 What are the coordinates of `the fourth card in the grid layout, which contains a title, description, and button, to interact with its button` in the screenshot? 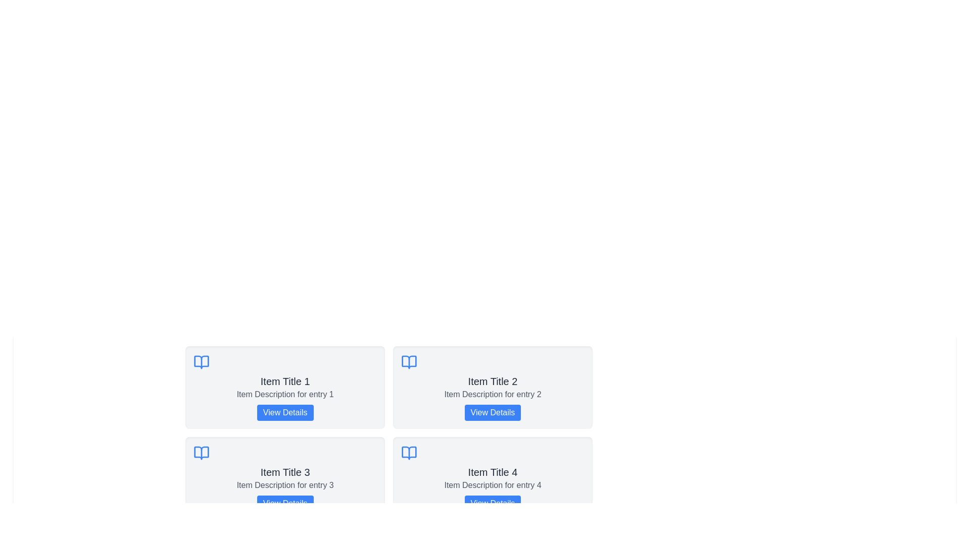 It's located at (493, 478).